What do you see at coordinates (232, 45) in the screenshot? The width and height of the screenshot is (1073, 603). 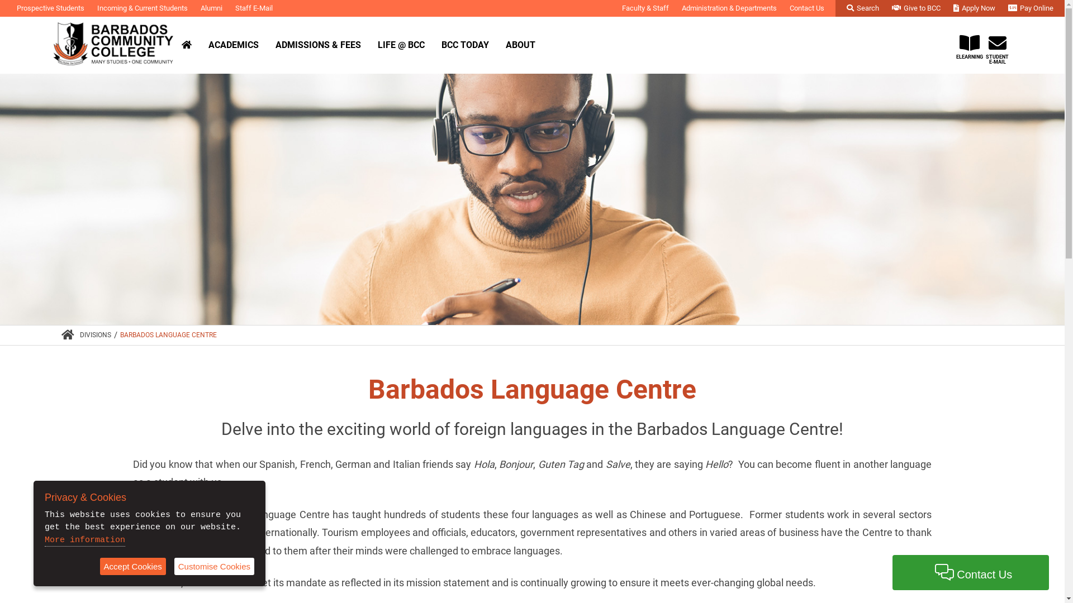 I see `'ACADEMICS'` at bounding box center [232, 45].